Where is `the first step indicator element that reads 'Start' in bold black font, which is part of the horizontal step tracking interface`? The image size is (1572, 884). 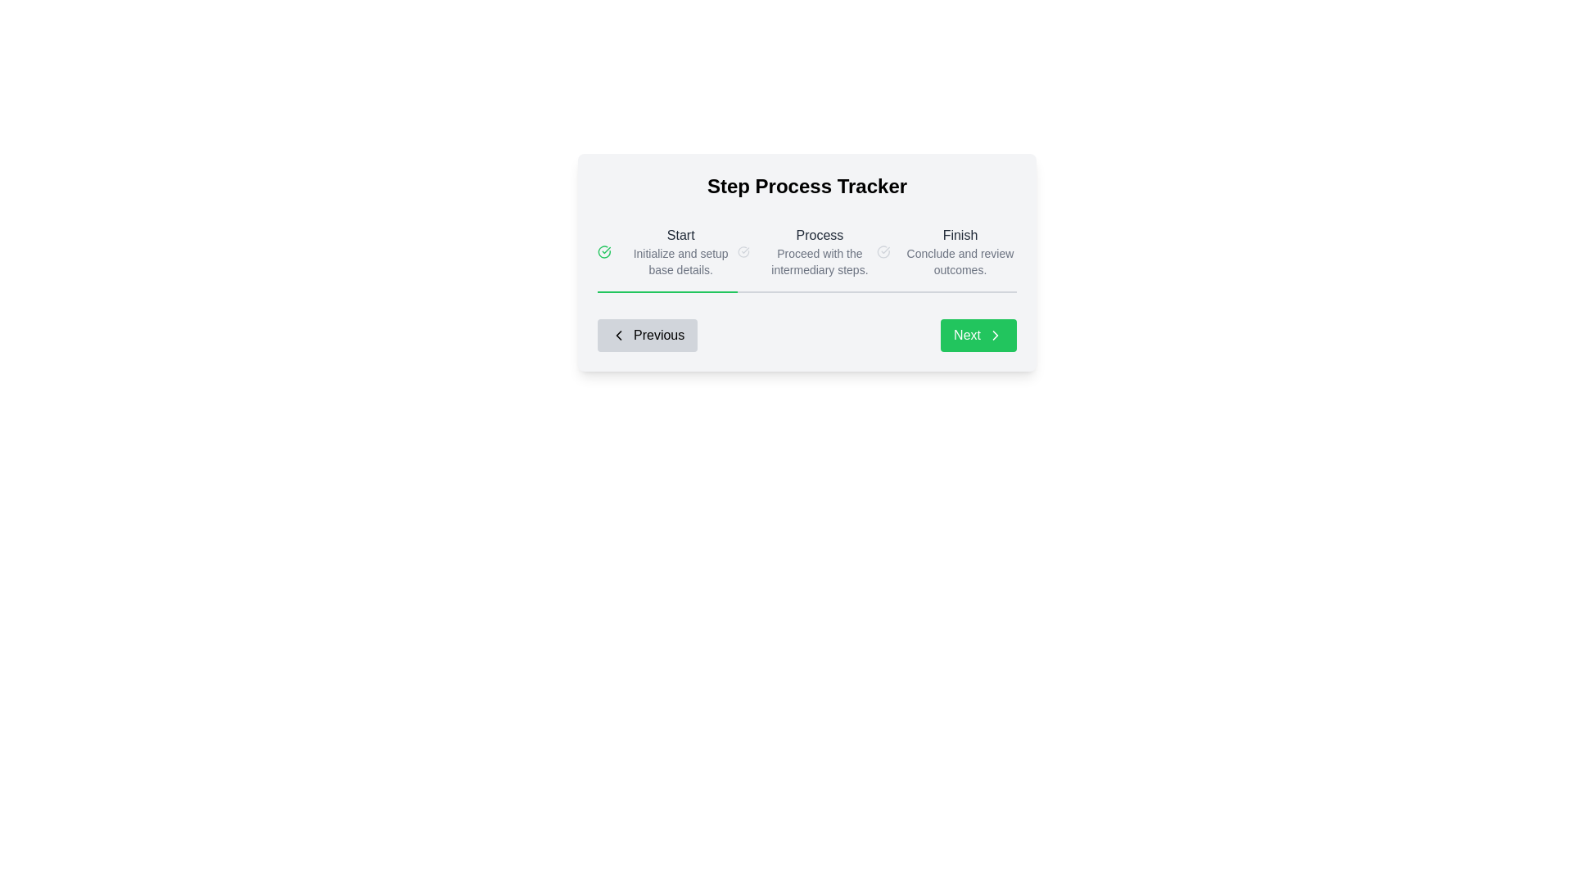
the first step indicator element that reads 'Start' in bold black font, which is part of the horizontal step tracking interface is located at coordinates (680, 252).